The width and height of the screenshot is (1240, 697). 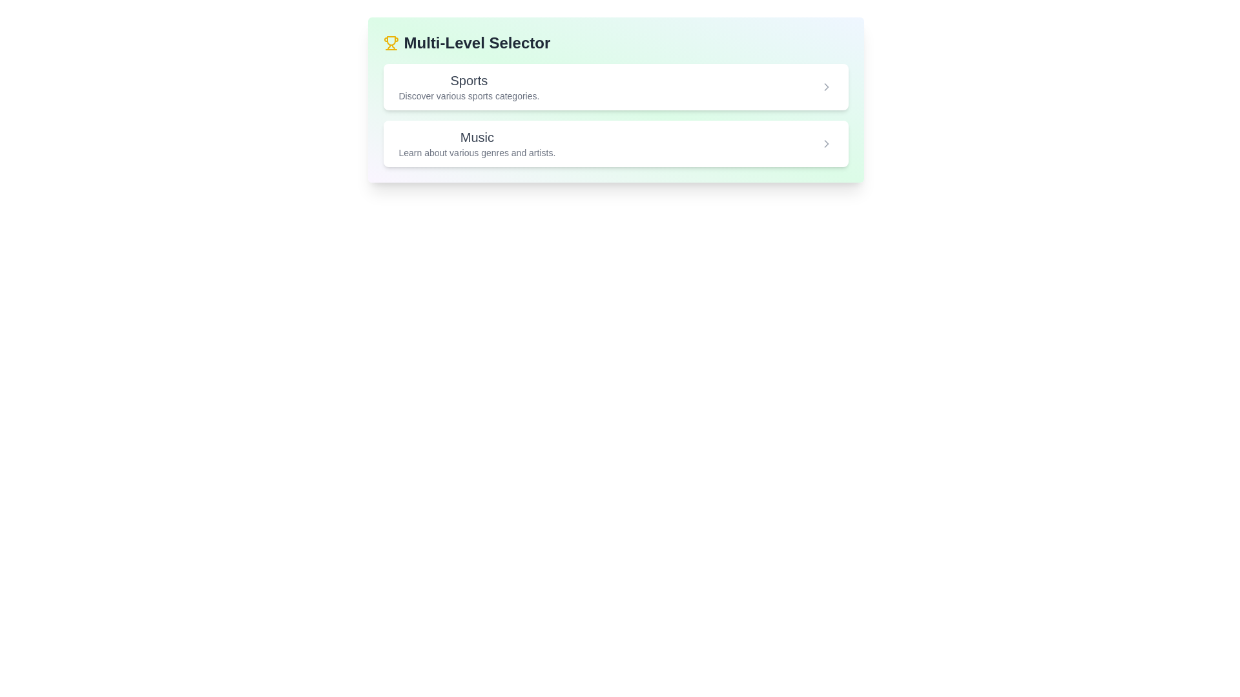 I want to click on the descriptive text label located directly below the 'Sports' title in the vertical list design, so click(x=468, y=96).